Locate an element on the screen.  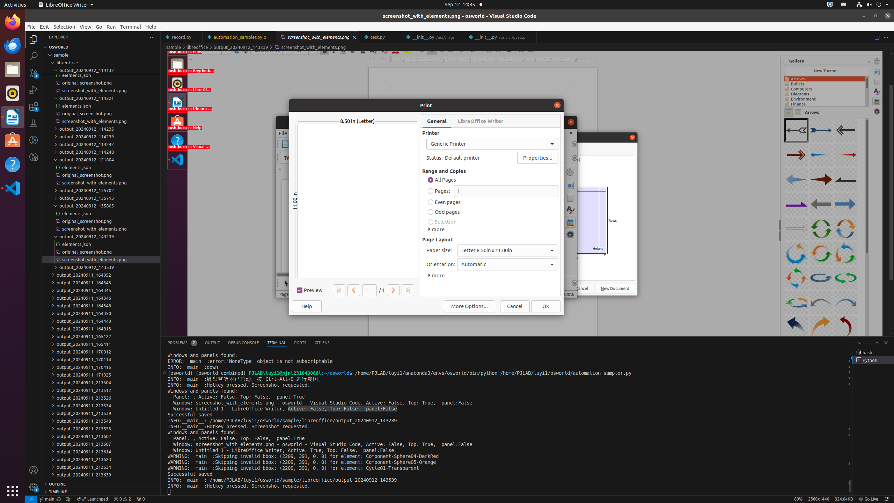
'Thunderbird Mail' is located at coordinates (13, 45).